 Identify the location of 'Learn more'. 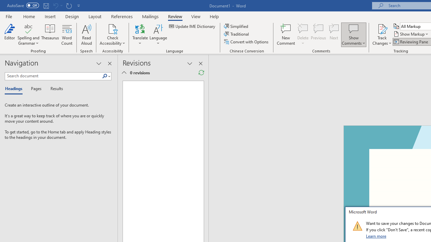
(376, 236).